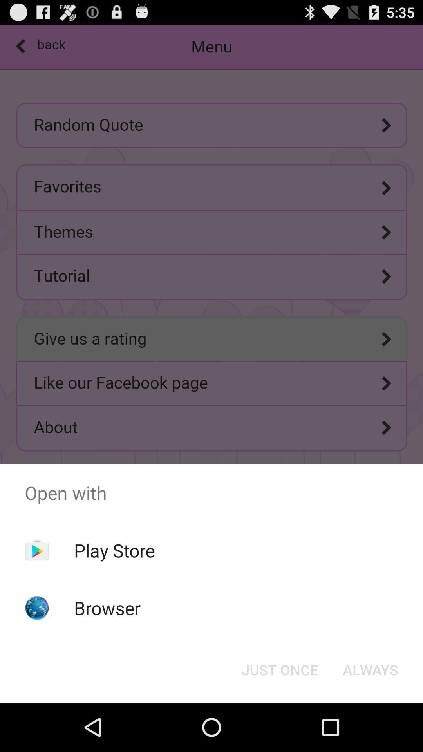 Image resolution: width=423 pixels, height=752 pixels. What do you see at coordinates (279, 669) in the screenshot?
I see `the button at the bottom` at bounding box center [279, 669].